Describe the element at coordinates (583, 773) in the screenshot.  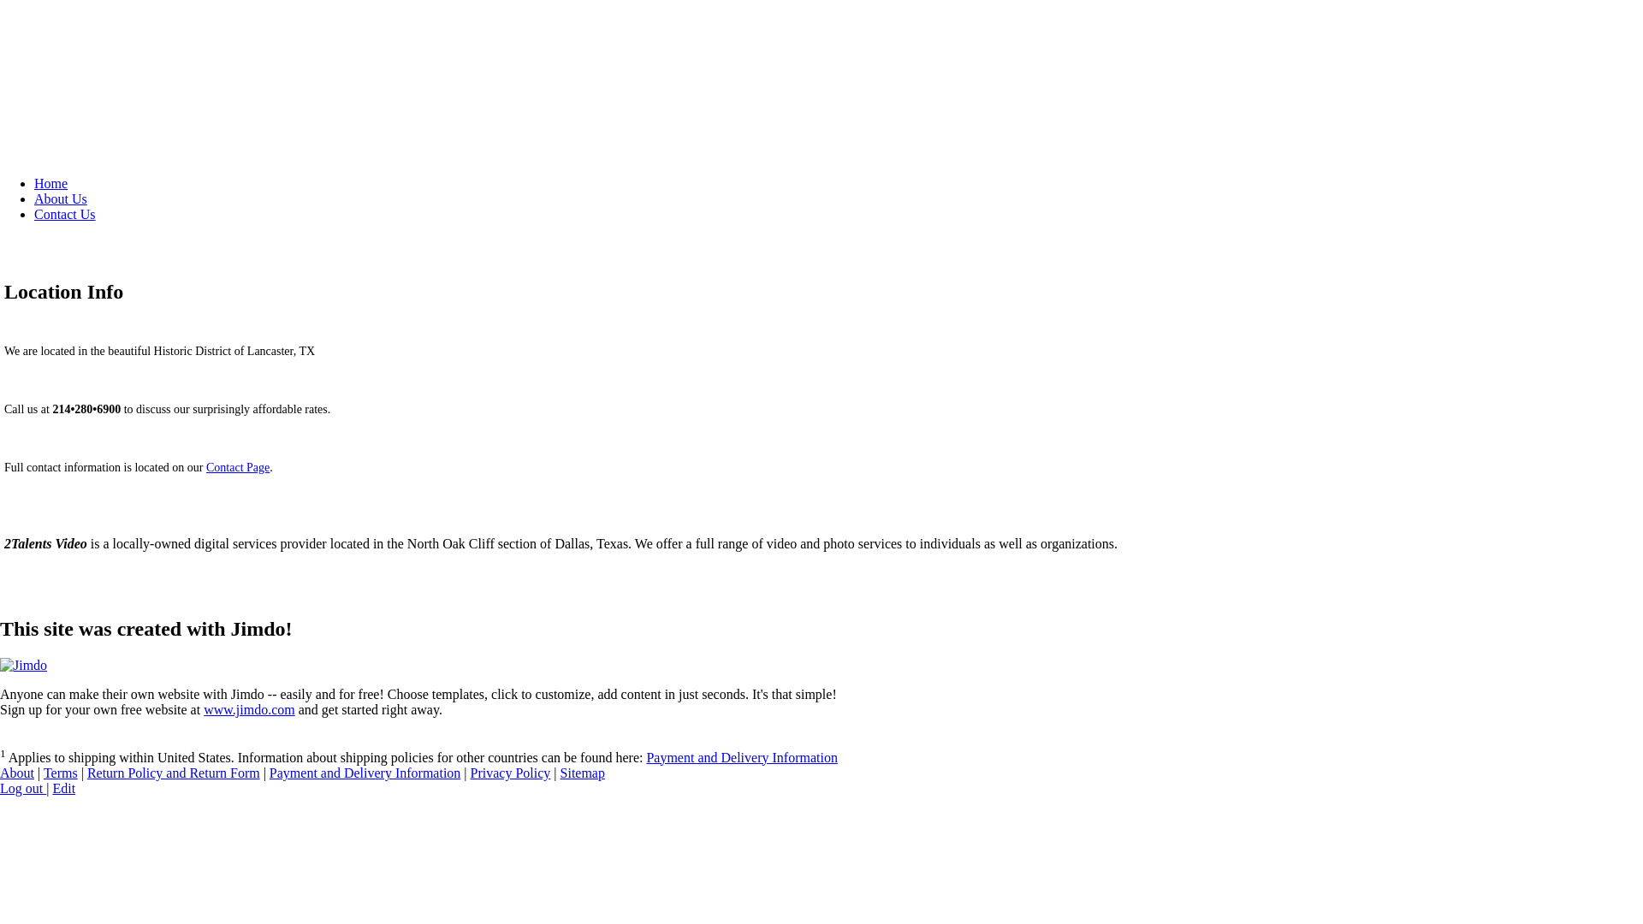
I see `'Sitemap'` at that location.